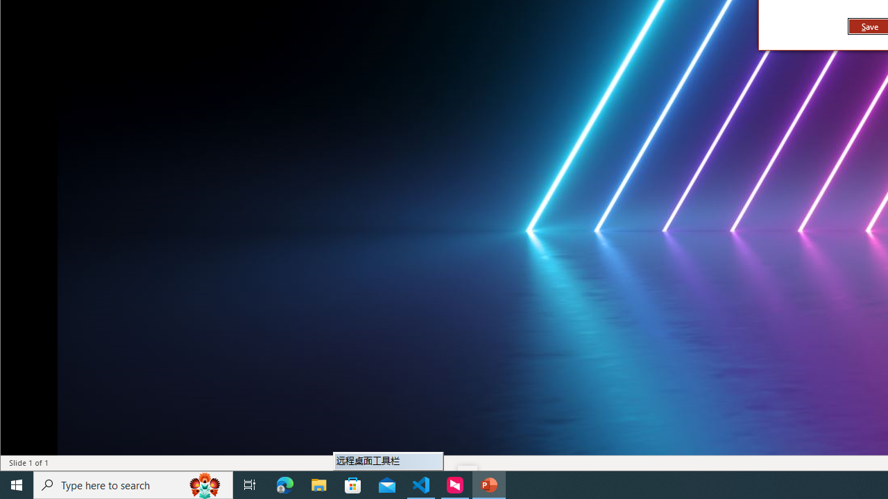 Image resolution: width=888 pixels, height=499 pixels. What do you see at coordinates (249, 484) in the screenshot?
I see `'Task View'` at bounding box center [249, 484].